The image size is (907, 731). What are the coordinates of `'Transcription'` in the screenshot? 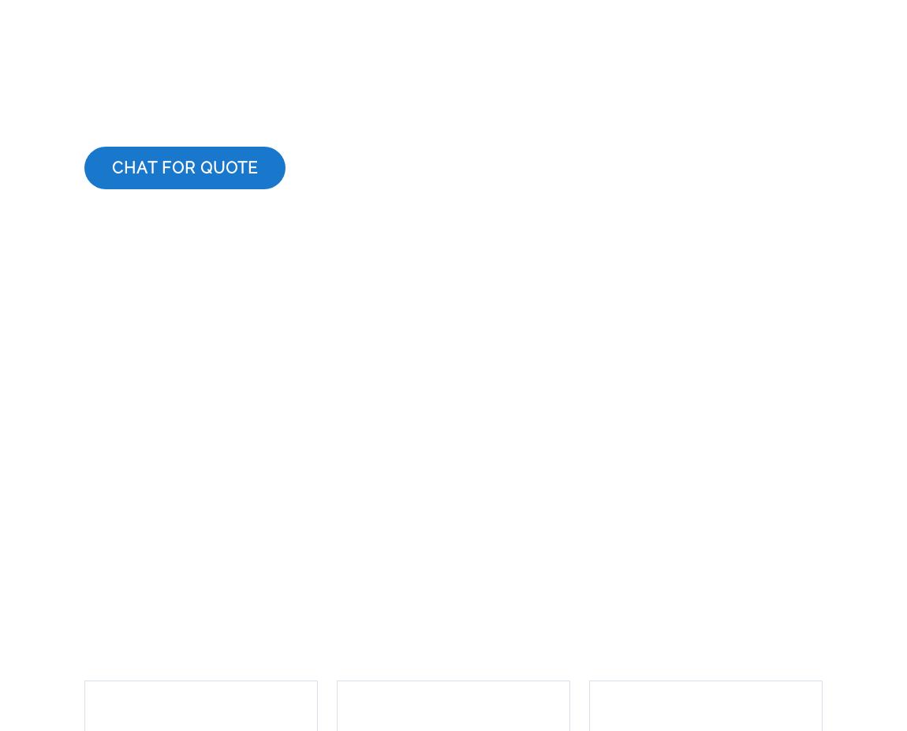 It's located at (135, 576).